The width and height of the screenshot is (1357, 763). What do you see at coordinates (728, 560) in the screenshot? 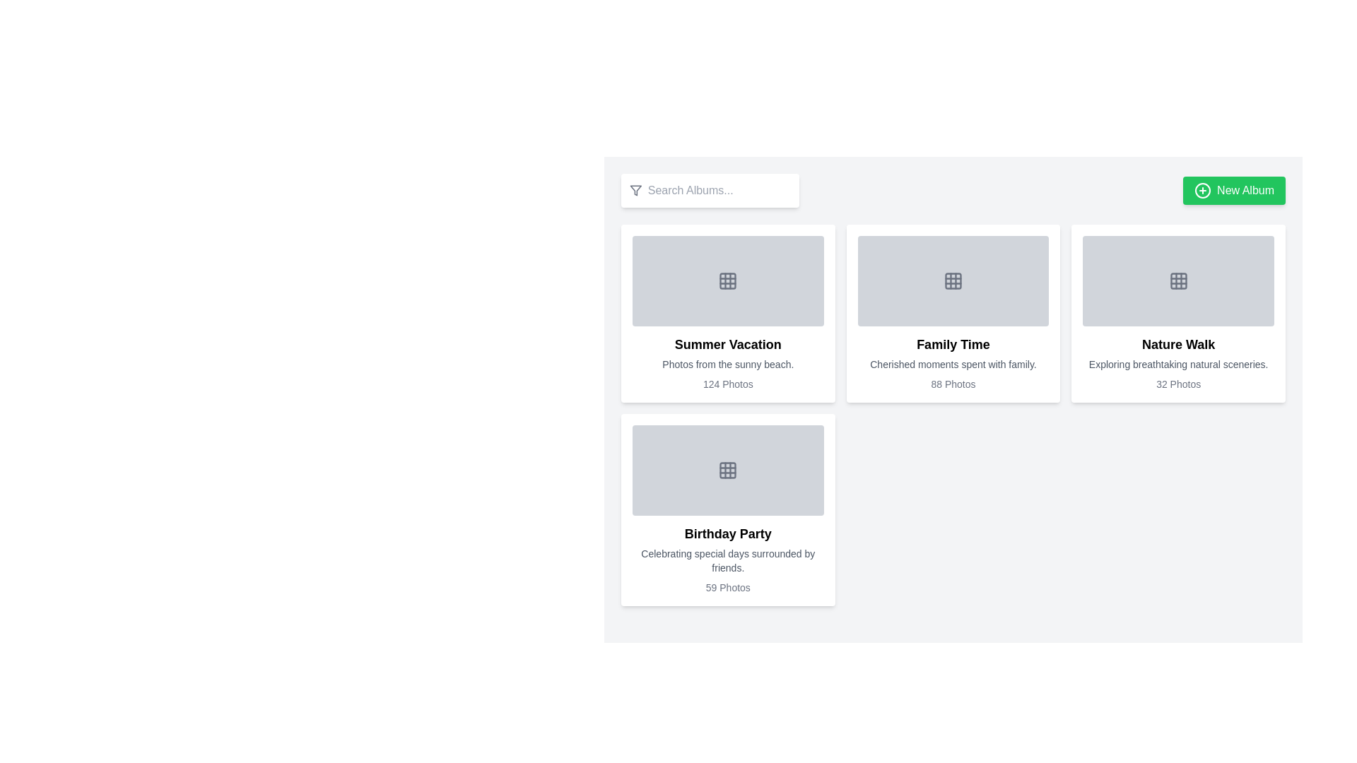
I see `text element stating 'Celebrating special days surrounded by friends.' located within the fourth card labeled 'Birthday Party' in the second row of the grid layout, positioned beneath the title 'Birthday Party.'` at bounding box center [728, 560].